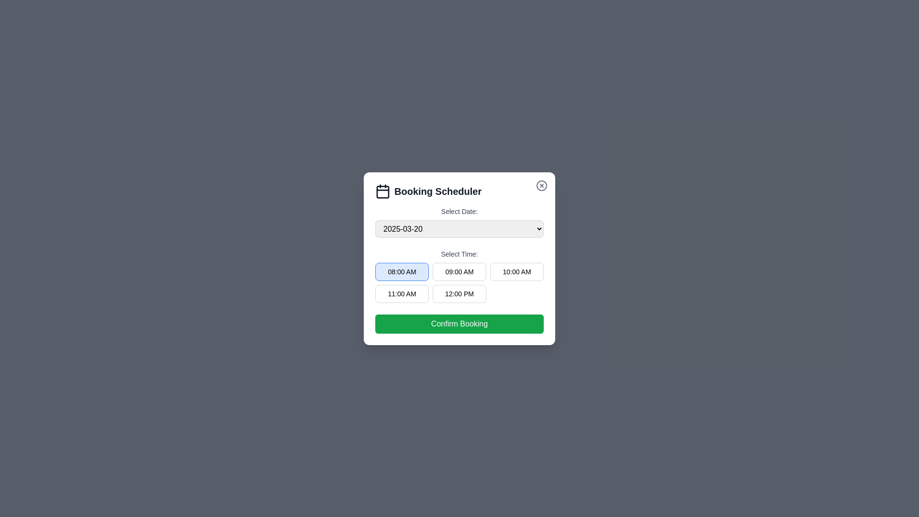 Image resolution: width=919 pixels, height=517 pixels. Describe the element at coordinates (459, 271) in the screenshot. I see `the '09:00 AM' button in the scheduling interface` at that location.